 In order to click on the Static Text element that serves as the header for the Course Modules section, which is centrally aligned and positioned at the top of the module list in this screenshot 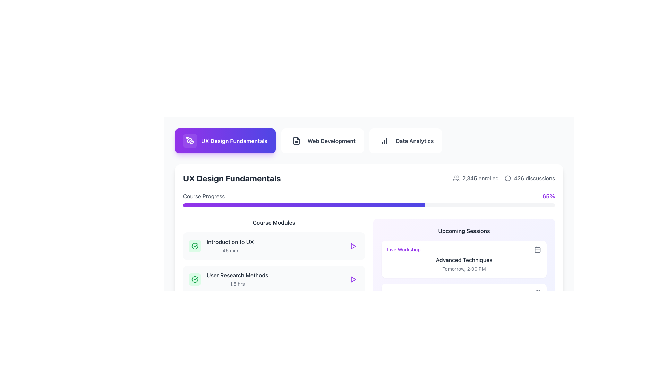, I will do `click(274, 223)`.